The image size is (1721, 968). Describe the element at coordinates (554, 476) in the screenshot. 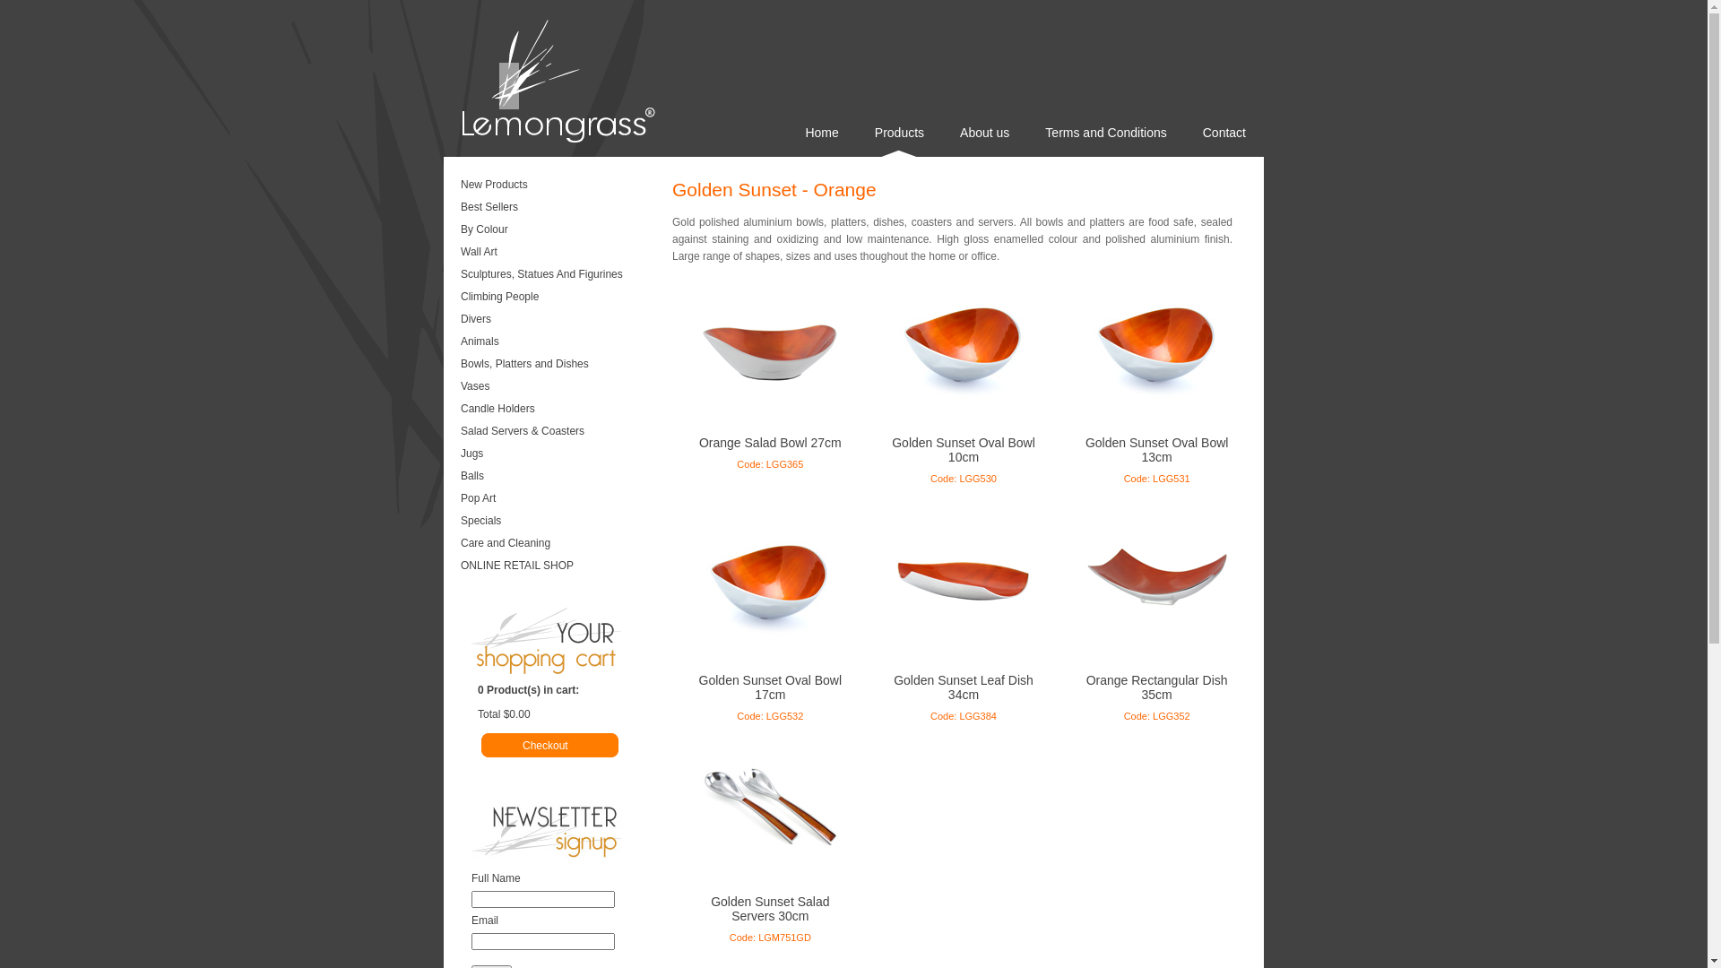

I see `'Balls'` at that location.